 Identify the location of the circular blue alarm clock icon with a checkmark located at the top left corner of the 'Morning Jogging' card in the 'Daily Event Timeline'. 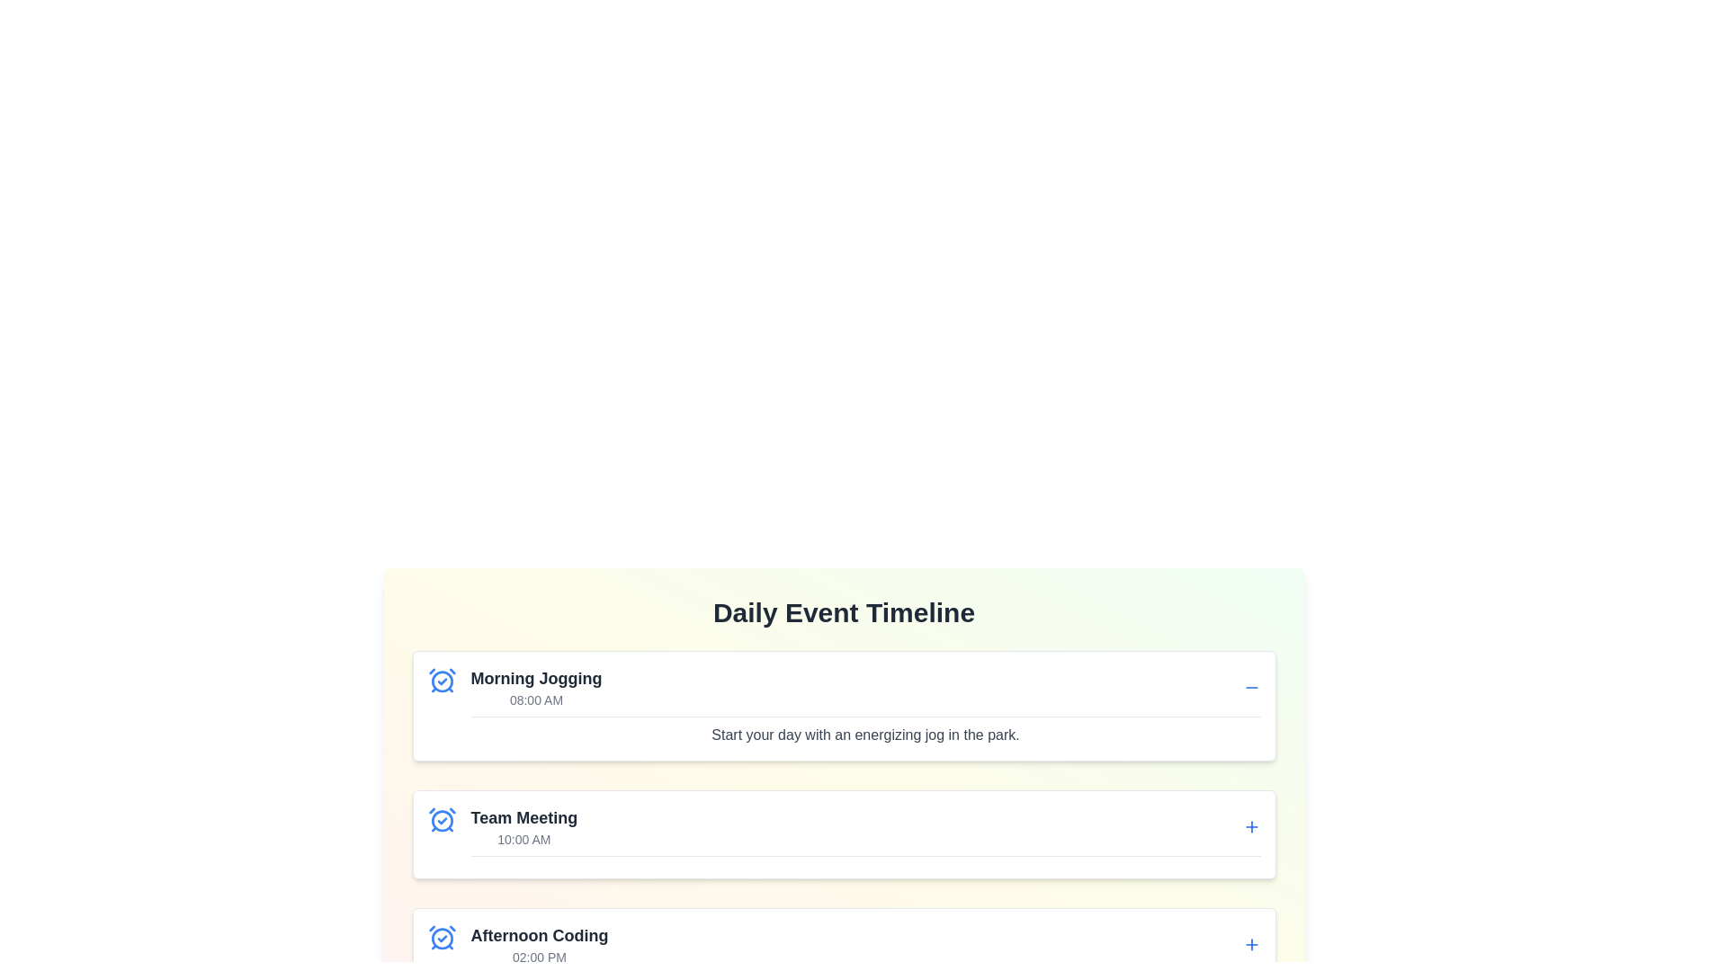
(442, 680).